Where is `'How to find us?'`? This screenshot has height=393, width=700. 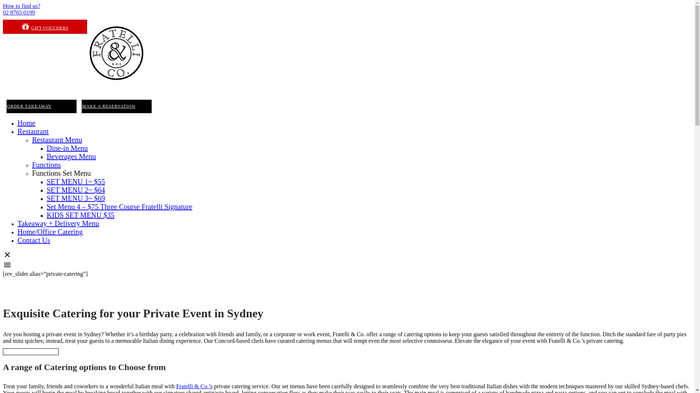 'How to find us?' is located at coordinates (22, 6).